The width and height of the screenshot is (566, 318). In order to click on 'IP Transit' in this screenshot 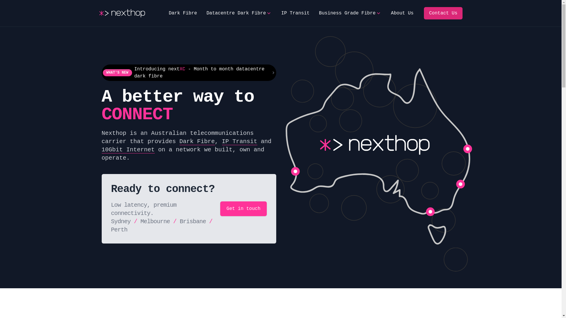, I will do `click(281, 13)`.